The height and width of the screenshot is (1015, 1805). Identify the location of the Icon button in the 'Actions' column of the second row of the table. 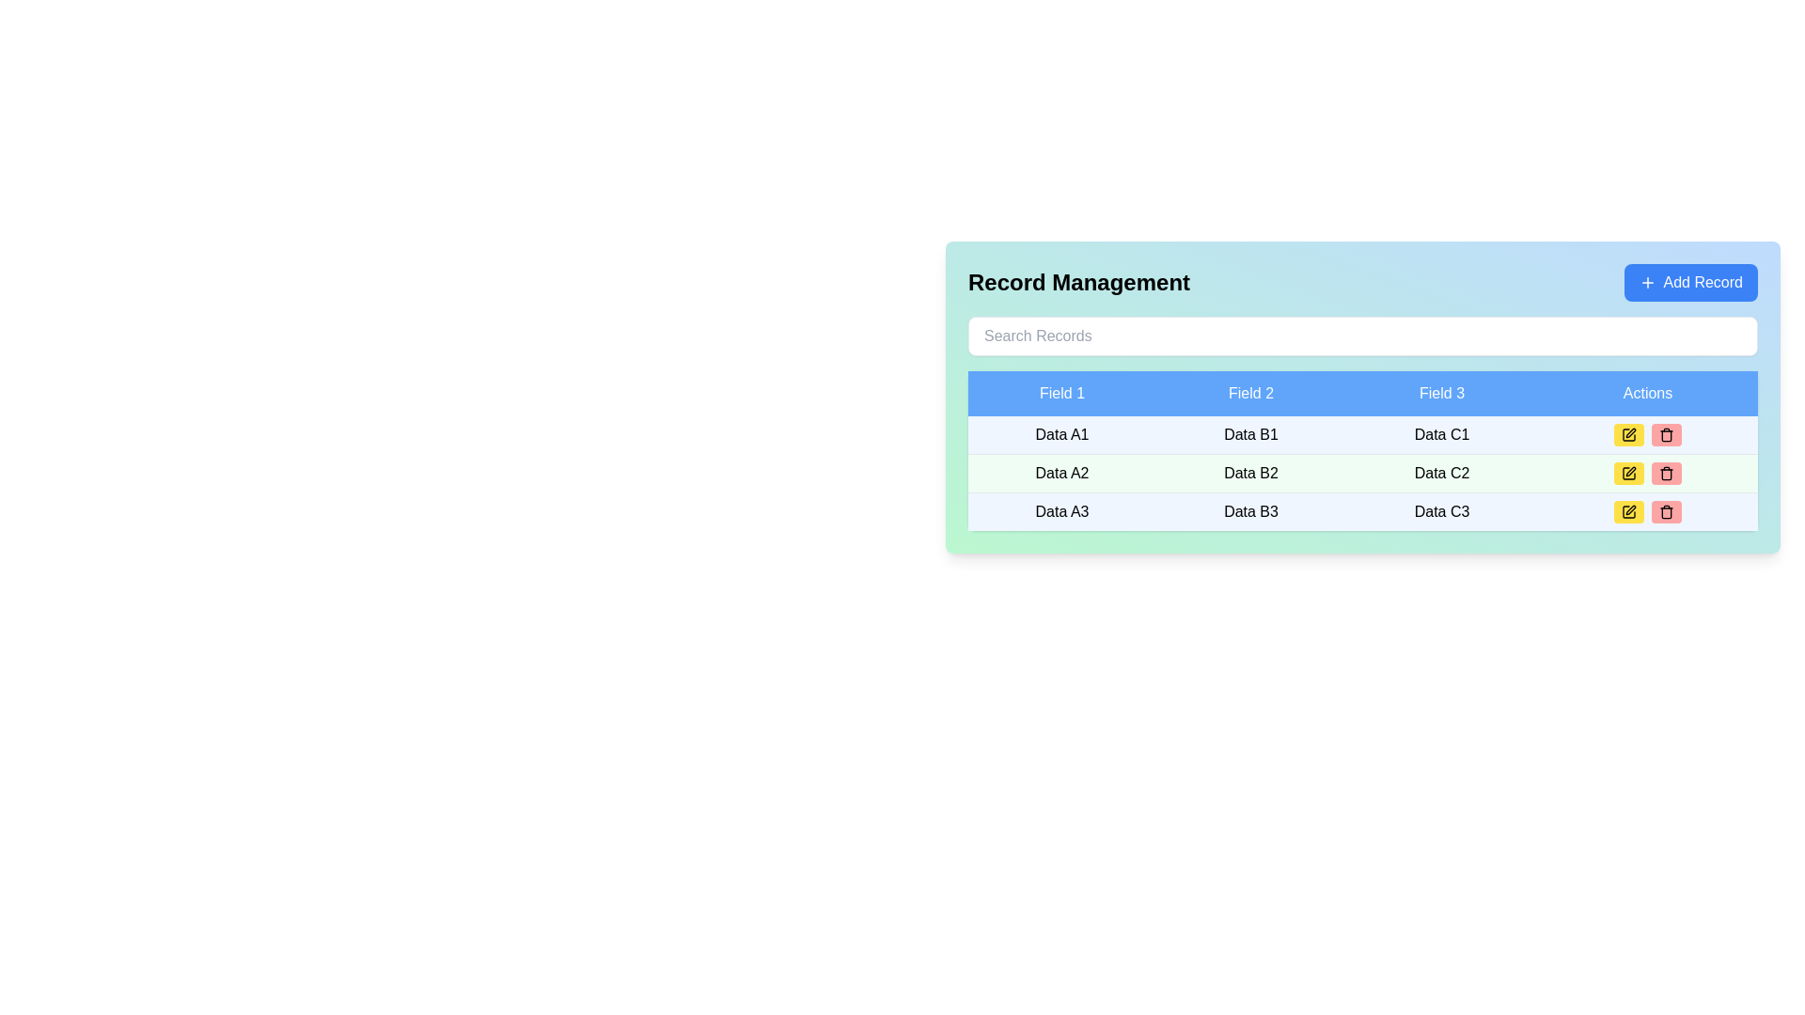
(1627, 434).